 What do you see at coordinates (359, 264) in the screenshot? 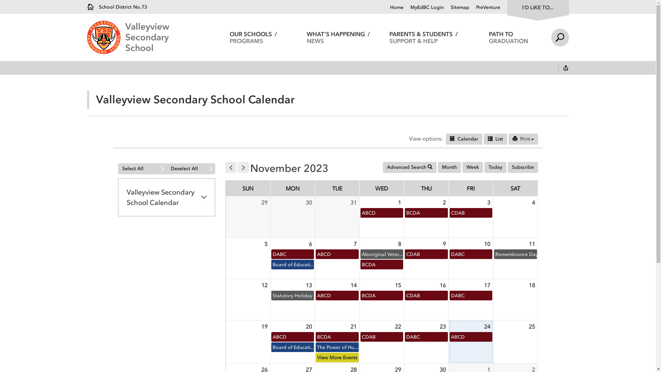
I see `'BCDA'` at bounding box center [359, 264].